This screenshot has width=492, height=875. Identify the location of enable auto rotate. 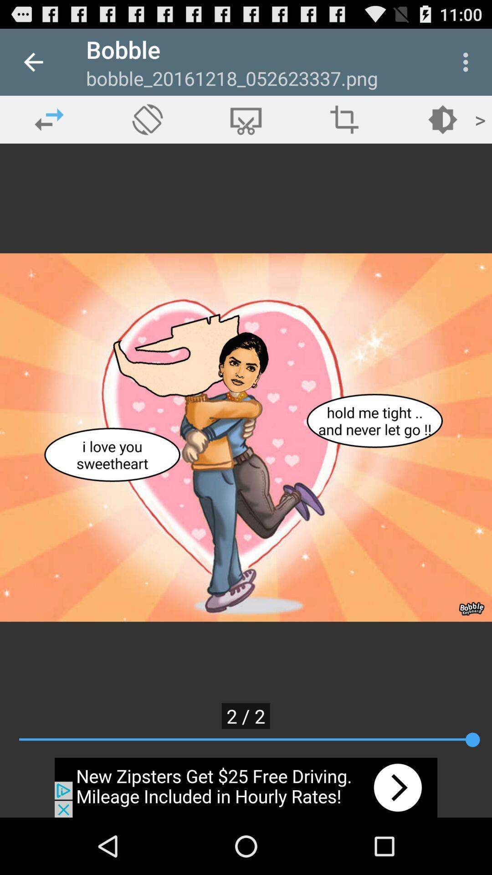
(147, 119).